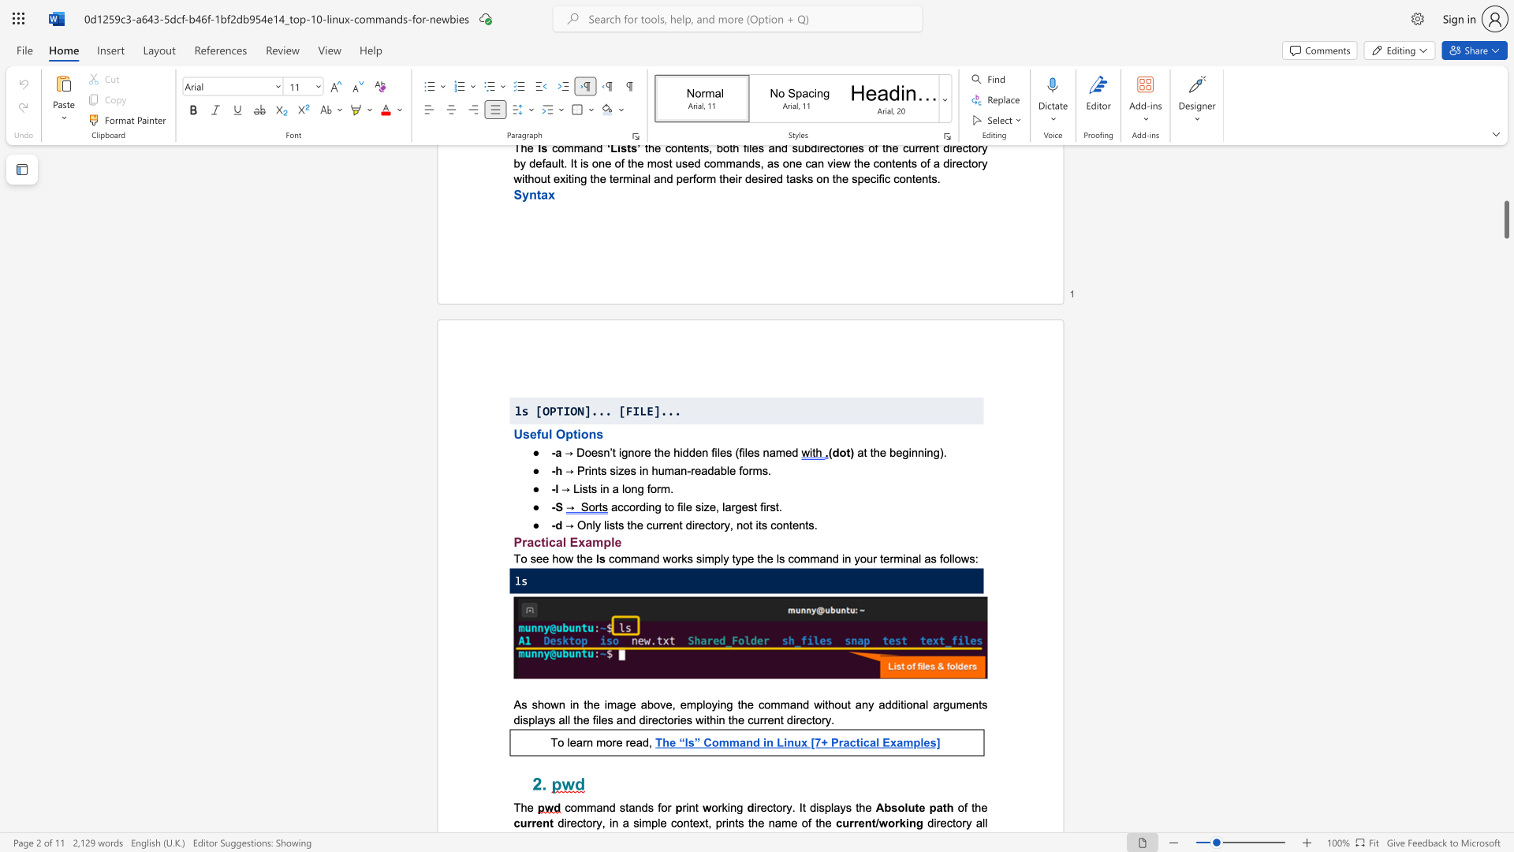  What do you see at coordinates (568, 807) in the screenshot?
I see `the 1th character "c" in the text` at bounding box center [568, 807].